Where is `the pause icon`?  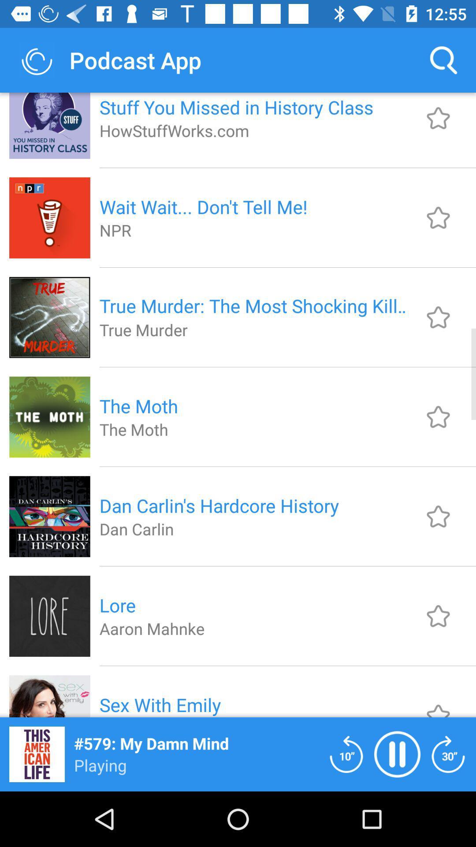
the pause icon is located at coordinates (397, 753).